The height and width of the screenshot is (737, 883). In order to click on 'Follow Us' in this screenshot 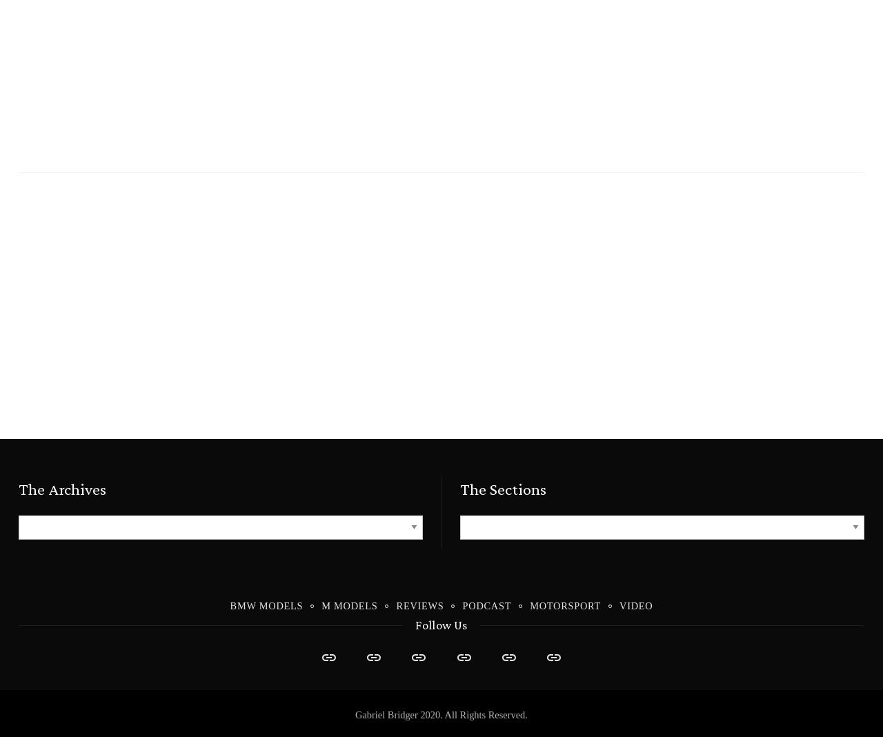, I will do `click(440, 624)`.